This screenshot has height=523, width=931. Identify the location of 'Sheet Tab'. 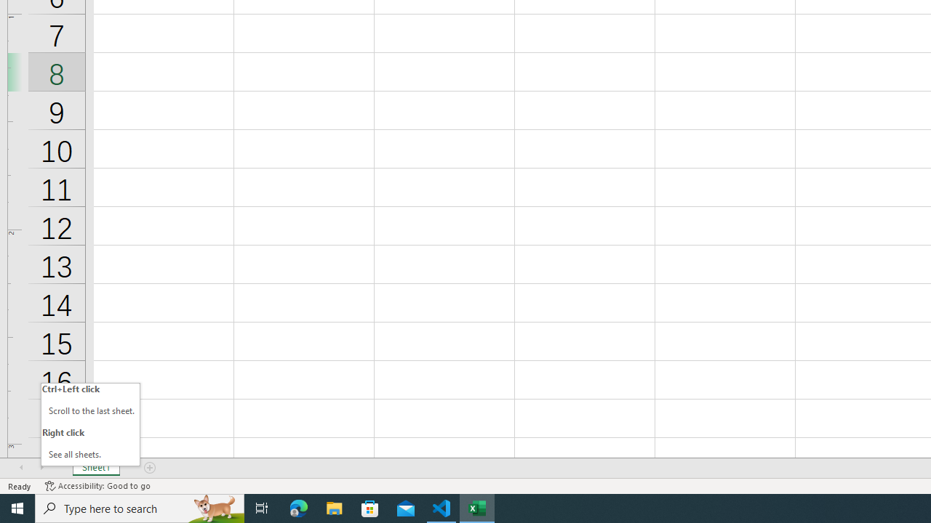
(95, 468).